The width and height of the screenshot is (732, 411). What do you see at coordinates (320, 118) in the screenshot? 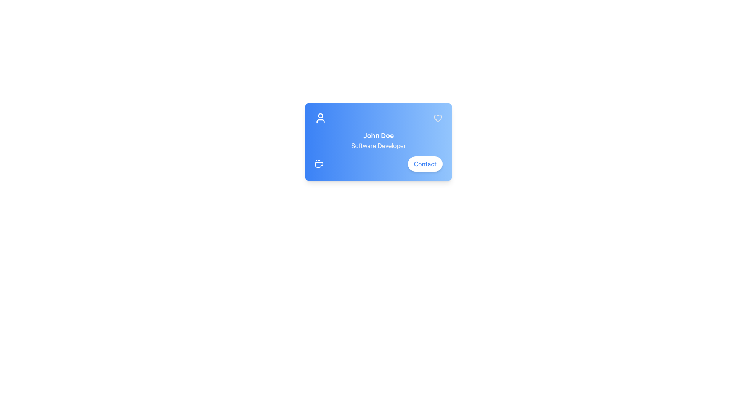
I see `the user profile icon located at the upper left corner of the user information card, which serves as a visual representation of the user profile` at bounding box center [320, 118].